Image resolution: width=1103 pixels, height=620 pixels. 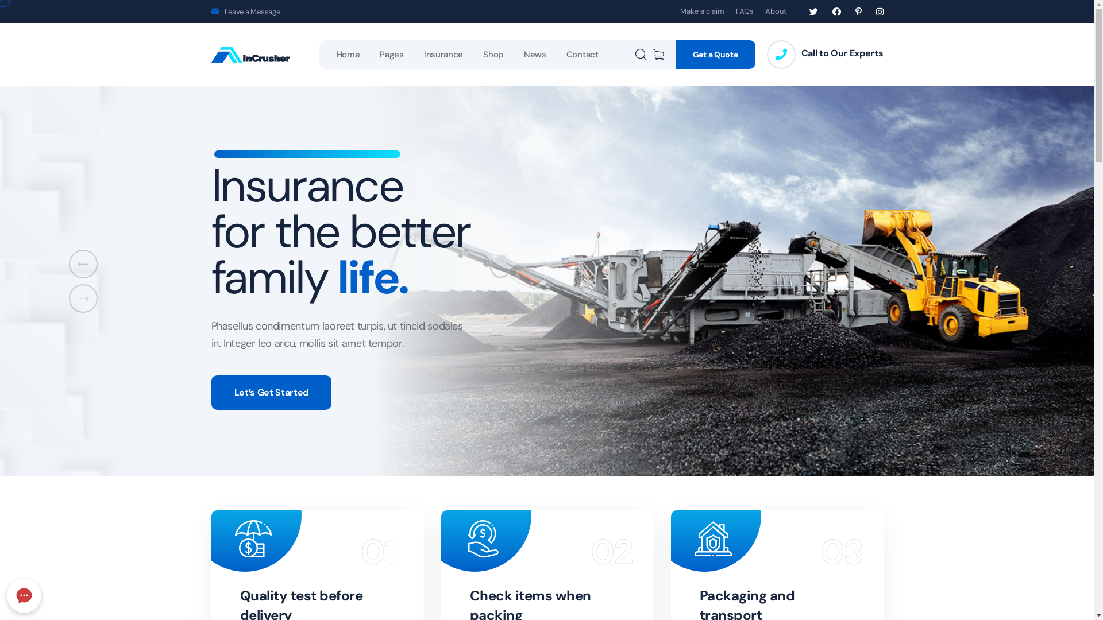 I want to click on 'Insurance', so click(x=423, y=55).